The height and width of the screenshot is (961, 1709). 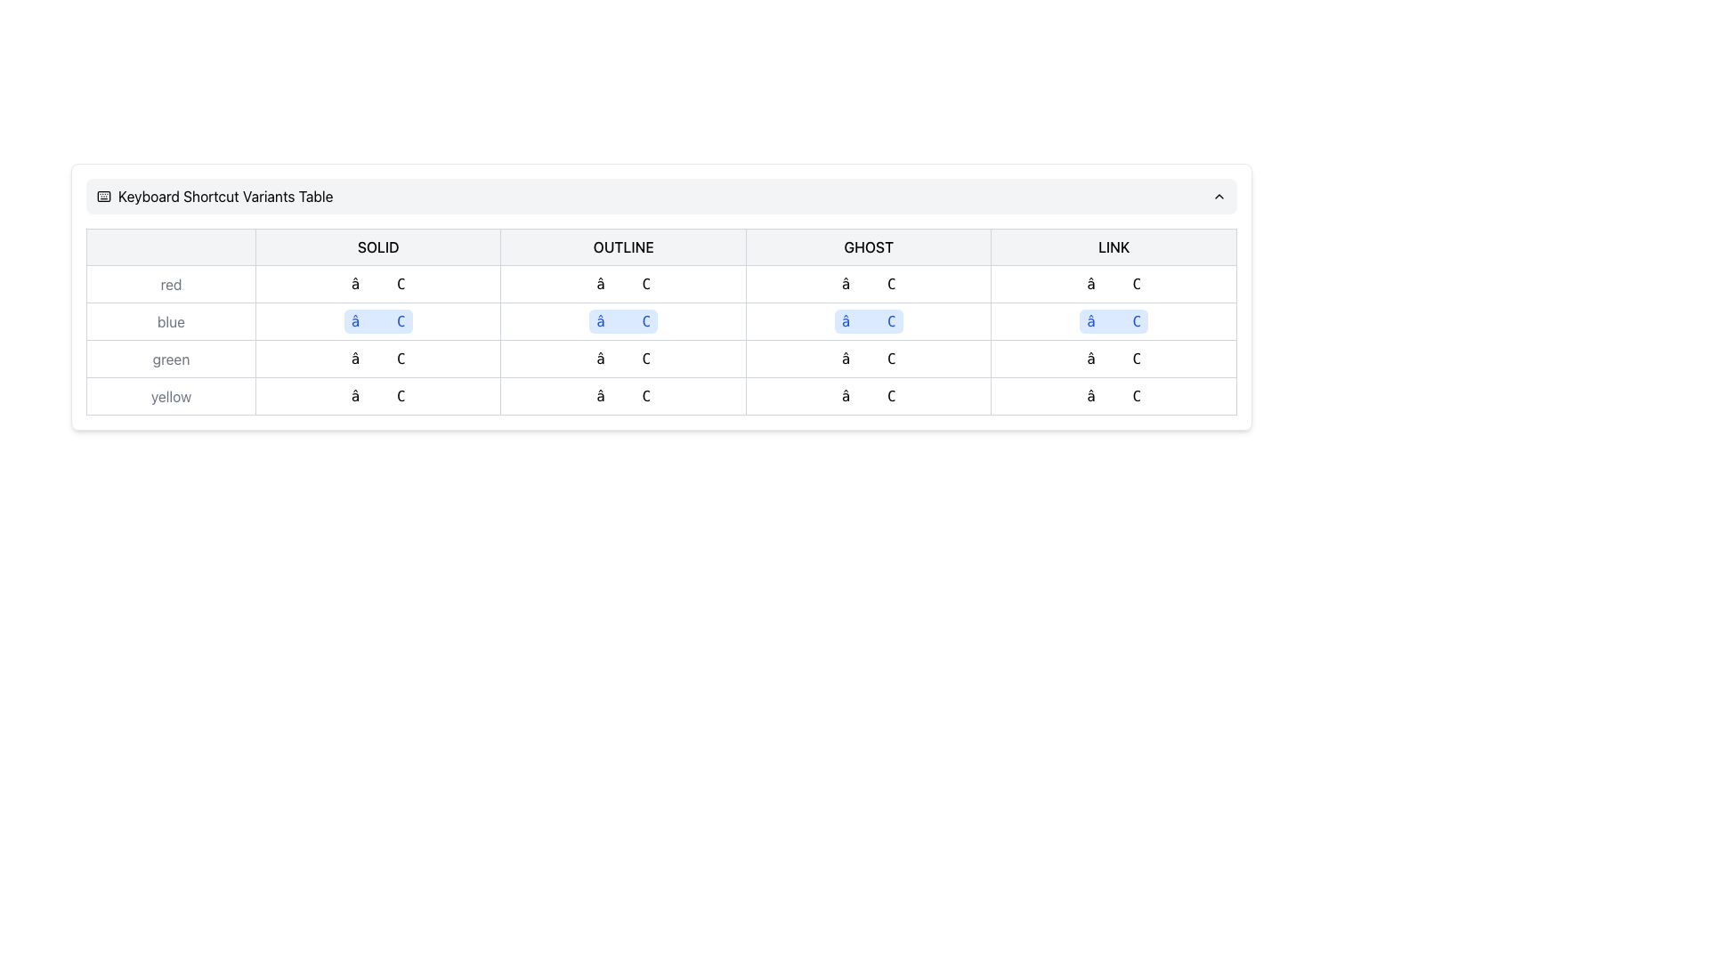 I want to click on the data display button located in the 'GHOST' column, aligned with the 'green' row in the table, so click(x=869, y=359).